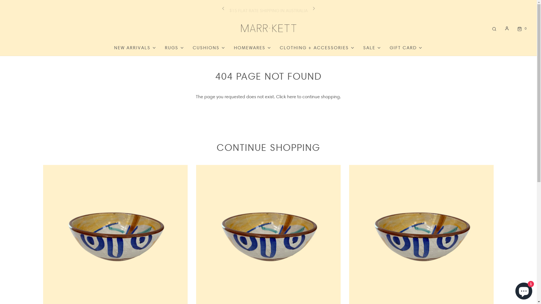 The width and height of the screenshot is (541, 304). Describe the element at coordinates (494, 28) in the screenshot. I see `'Search'` at that location.